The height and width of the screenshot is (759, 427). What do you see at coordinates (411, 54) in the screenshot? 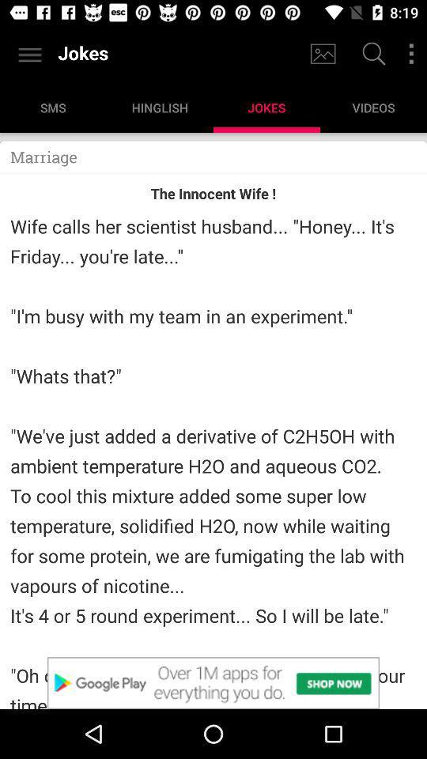
I see `filters` at bounding box center [411, 54].